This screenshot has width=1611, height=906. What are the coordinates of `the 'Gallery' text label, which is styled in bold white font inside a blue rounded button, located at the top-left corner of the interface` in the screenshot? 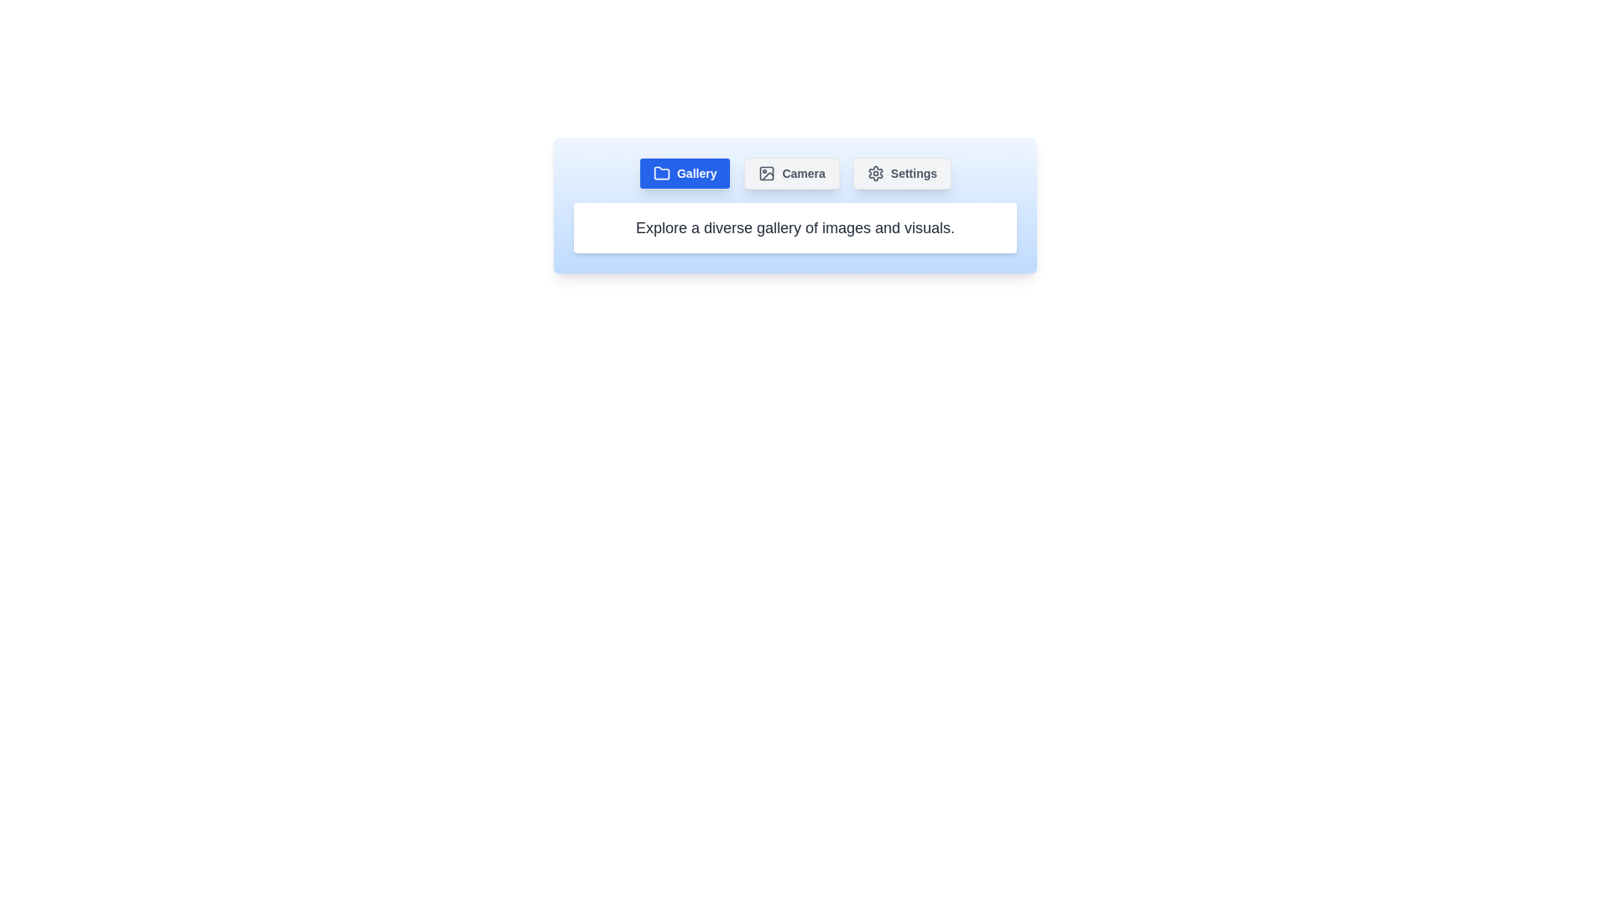 It's located at (696, 174).